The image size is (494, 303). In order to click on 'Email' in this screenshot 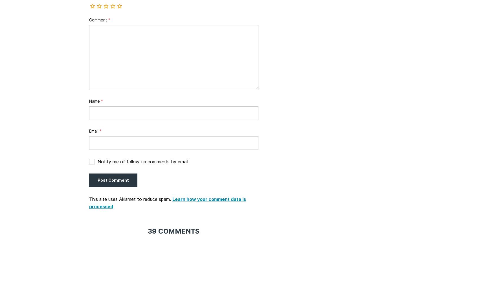, I will do `click(89, 130)`.